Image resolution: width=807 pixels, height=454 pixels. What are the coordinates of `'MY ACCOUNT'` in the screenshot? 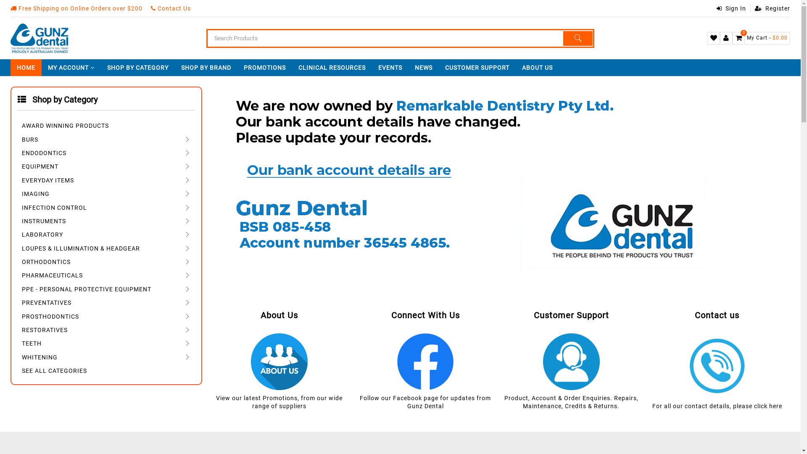 It's located at (71, 67).